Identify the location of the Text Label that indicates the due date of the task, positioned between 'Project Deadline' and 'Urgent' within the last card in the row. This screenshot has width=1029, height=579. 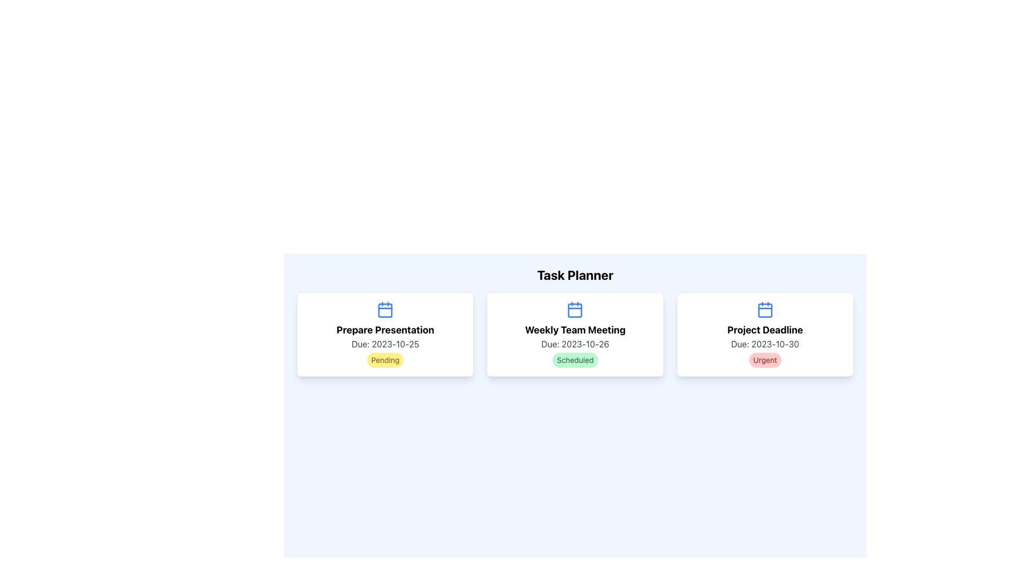
(764, 344).